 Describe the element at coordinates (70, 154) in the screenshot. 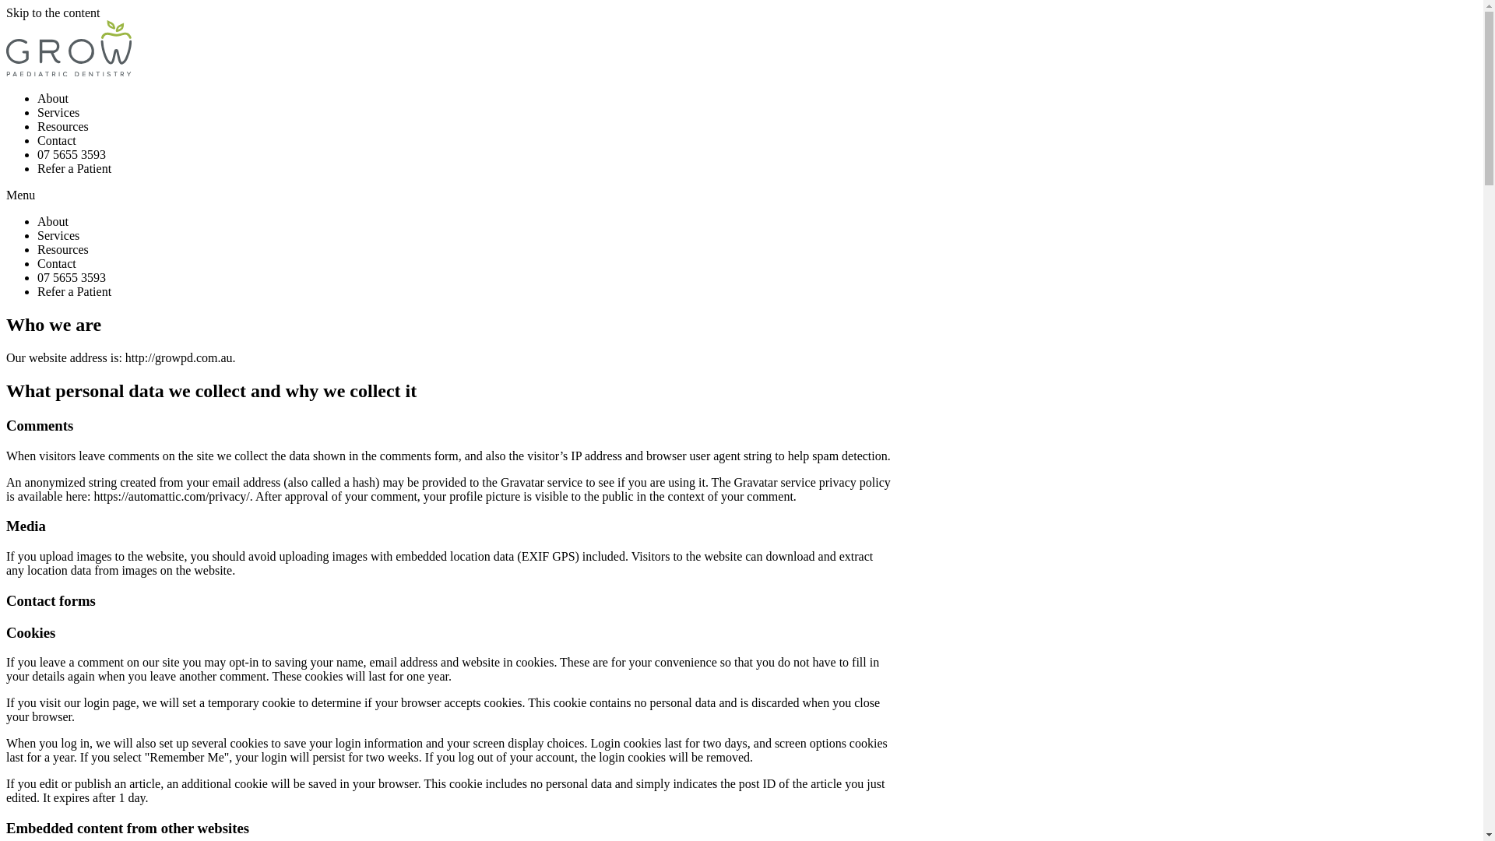

I see `'07 5655 3593'` at that location.